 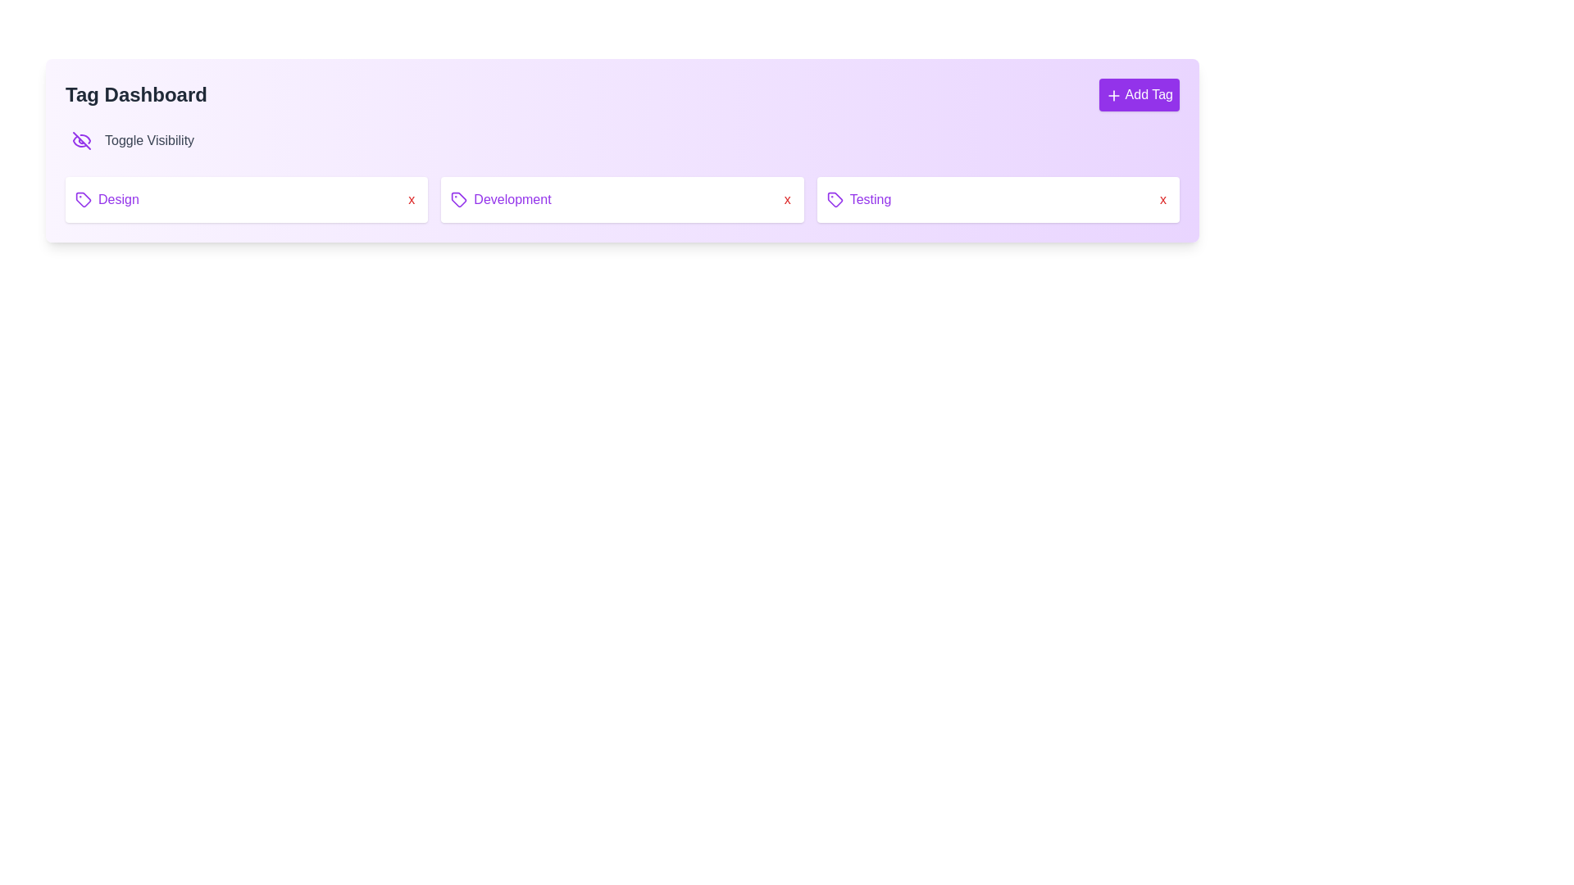 I want to click on the small purple plus sign icon located at the top-right corner of the 'Add Tag' button, so click(x=1113, y=95).